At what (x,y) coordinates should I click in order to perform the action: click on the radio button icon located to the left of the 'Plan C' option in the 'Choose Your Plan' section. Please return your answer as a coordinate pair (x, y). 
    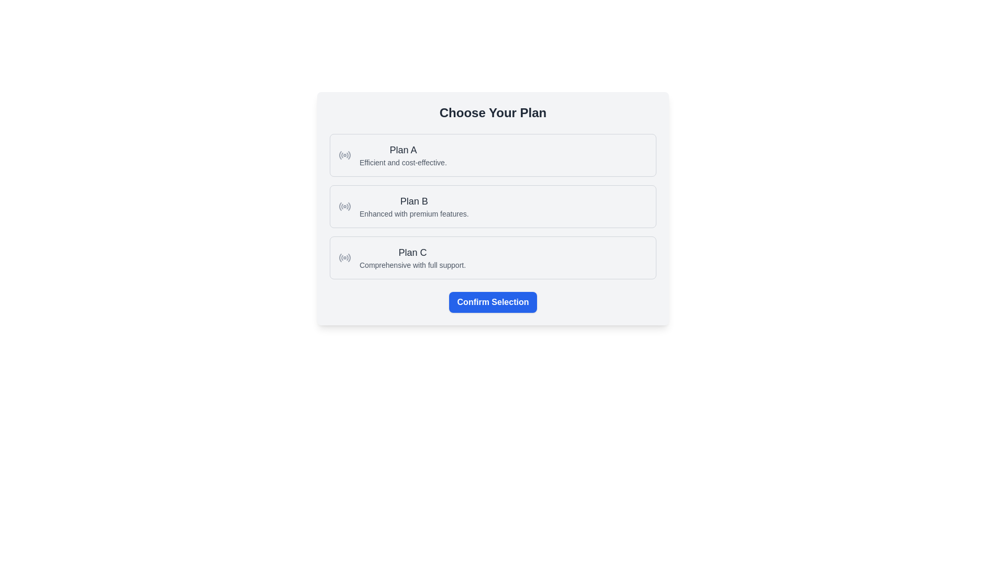
    Looking at the image, I should click on (348, 258).